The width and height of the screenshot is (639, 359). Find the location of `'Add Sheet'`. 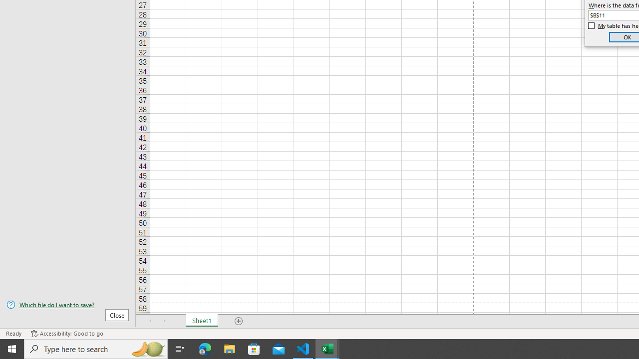

'Add Sheet' is located at coordinates (238, 321).